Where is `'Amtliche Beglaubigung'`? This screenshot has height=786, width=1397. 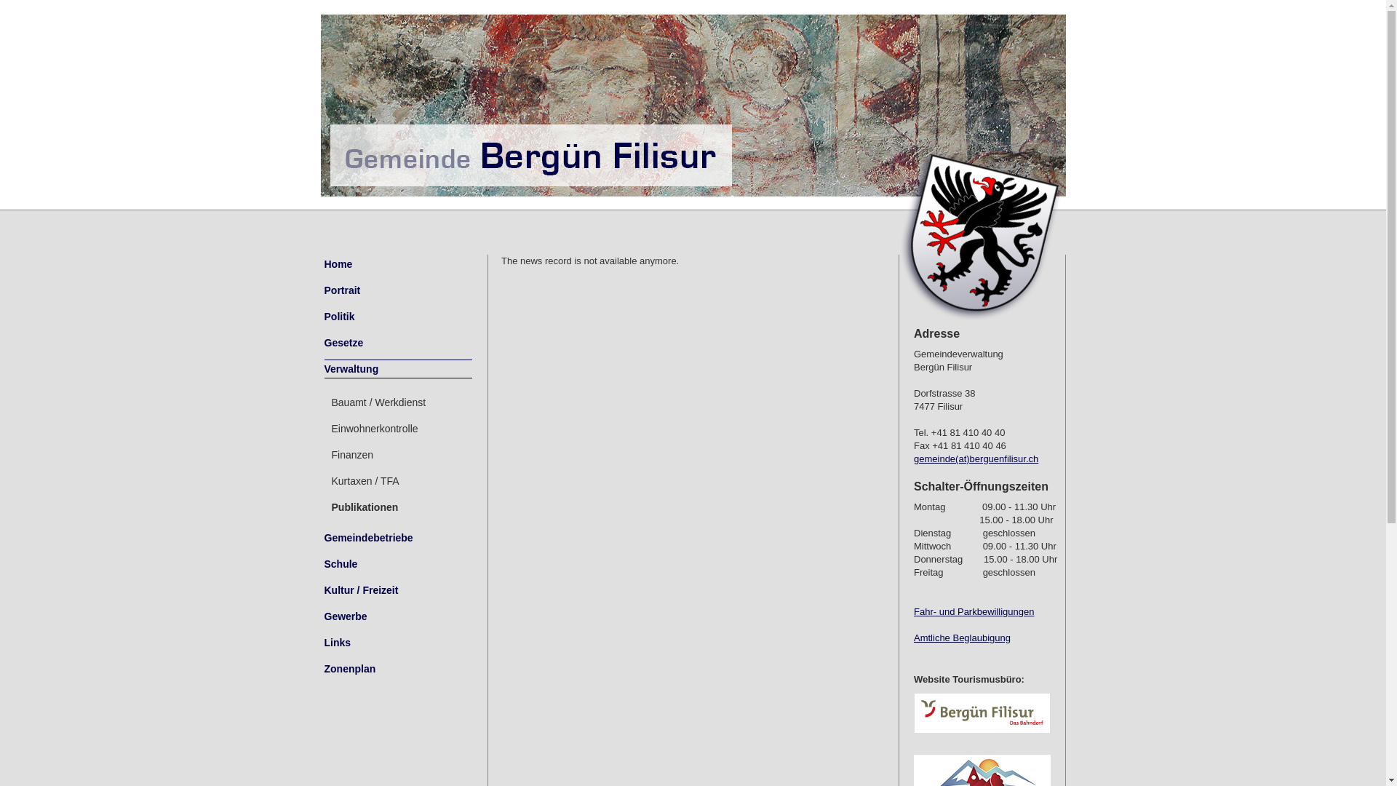 'Amtliche Beglaubigung' is located at coordinates (913, 637).